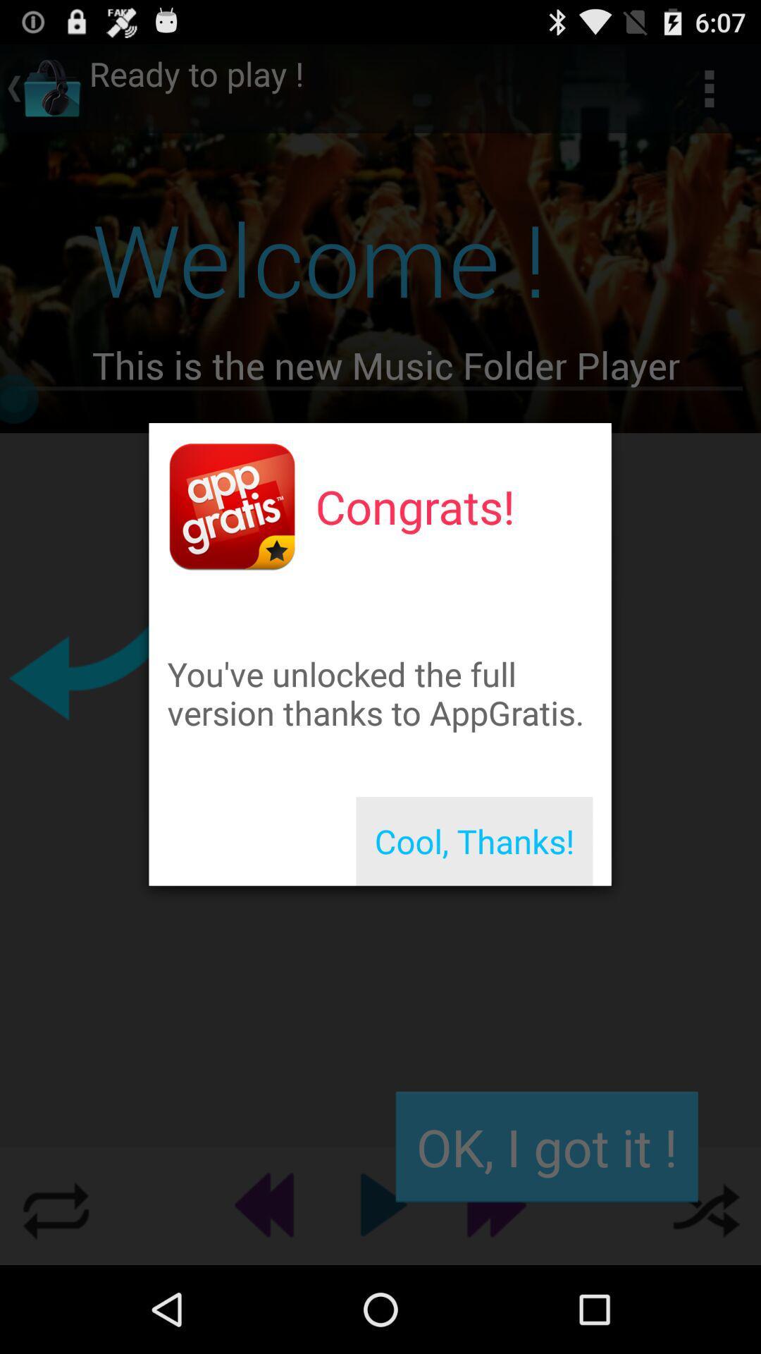 The image size is (761, 1354). What do you see at coordinates (474, 841) in the screenshot?
I see `item below you ve unlocked item` at bounding box center [474, 841].